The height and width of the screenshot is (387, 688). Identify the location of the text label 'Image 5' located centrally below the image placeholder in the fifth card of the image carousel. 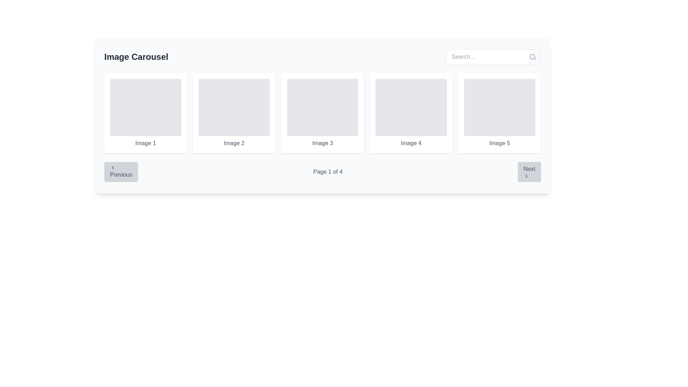
(499, 143).